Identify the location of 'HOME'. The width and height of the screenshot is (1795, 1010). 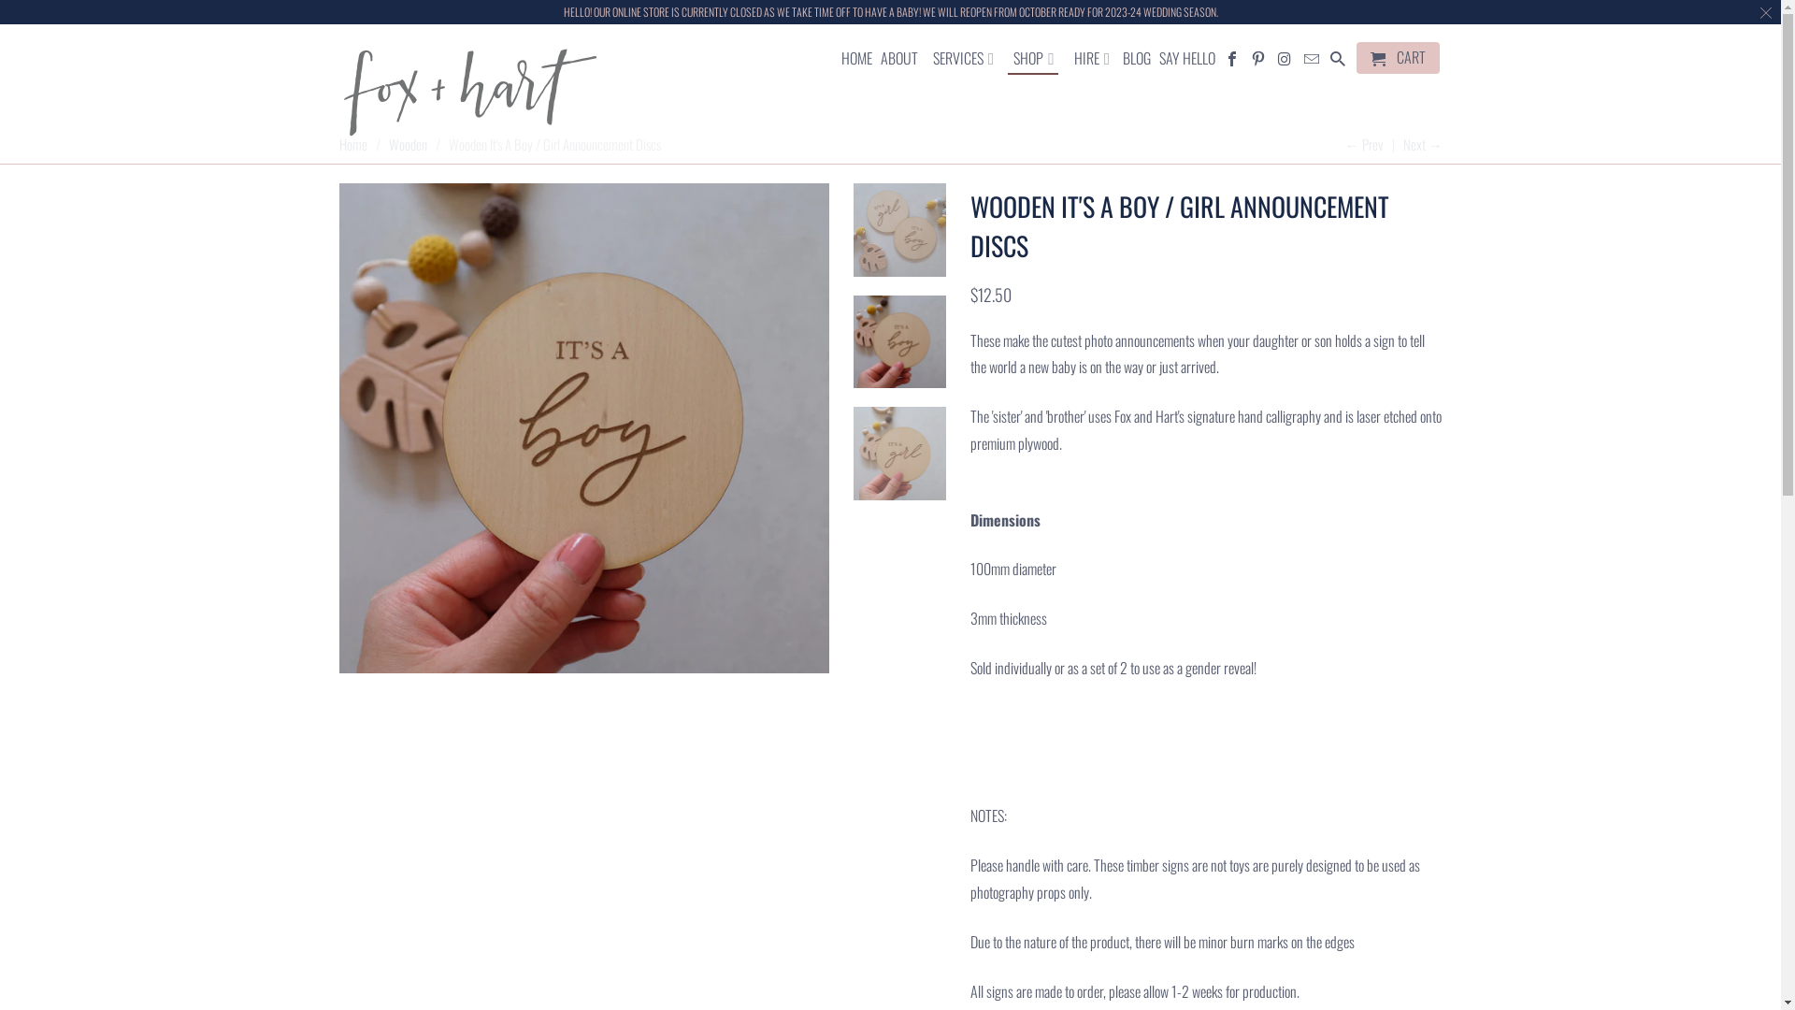
(855, 60).